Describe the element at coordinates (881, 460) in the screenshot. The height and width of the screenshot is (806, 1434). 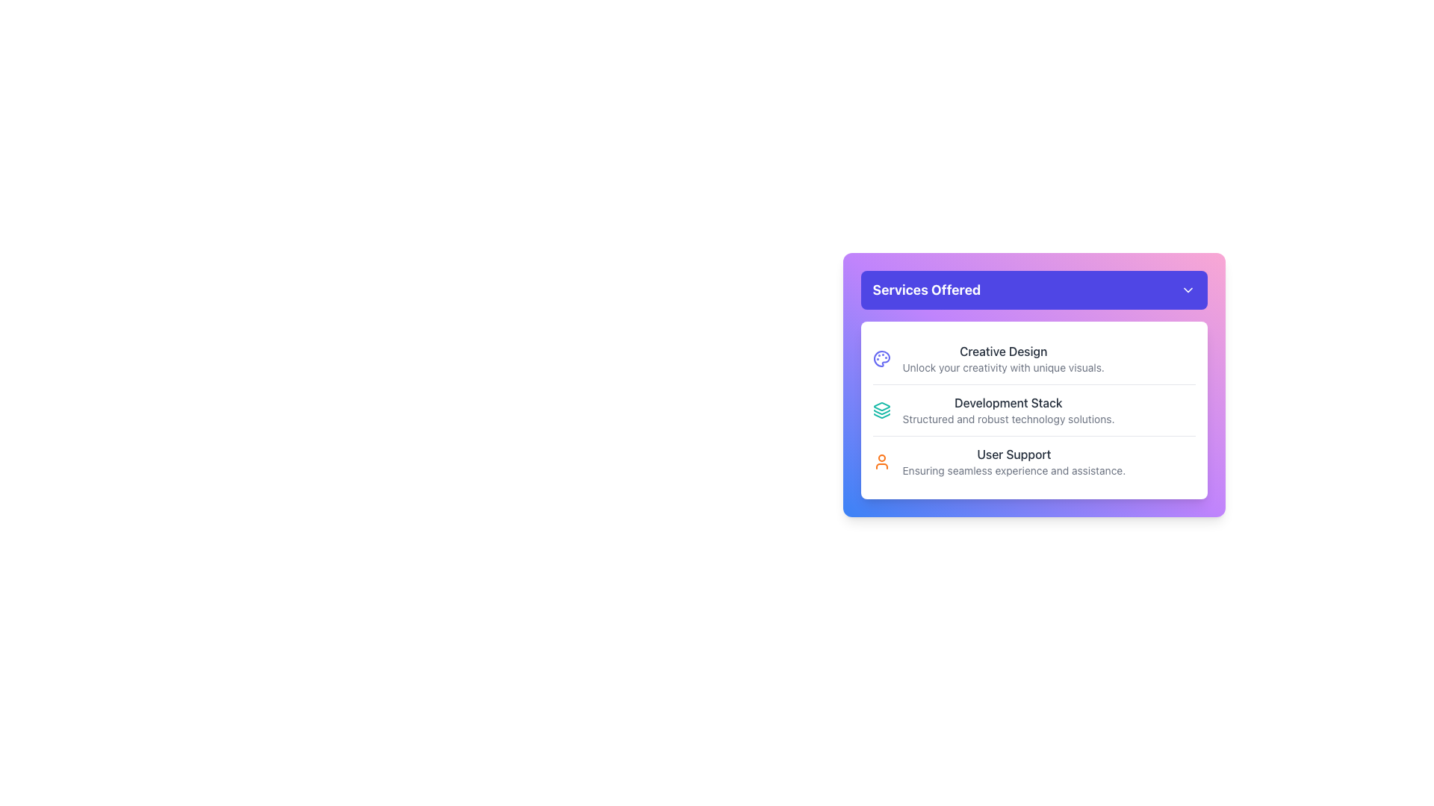
I see `the orange user icon representing 'User Support' in the bottom section of the 'Services Offered' list panel` at that location.